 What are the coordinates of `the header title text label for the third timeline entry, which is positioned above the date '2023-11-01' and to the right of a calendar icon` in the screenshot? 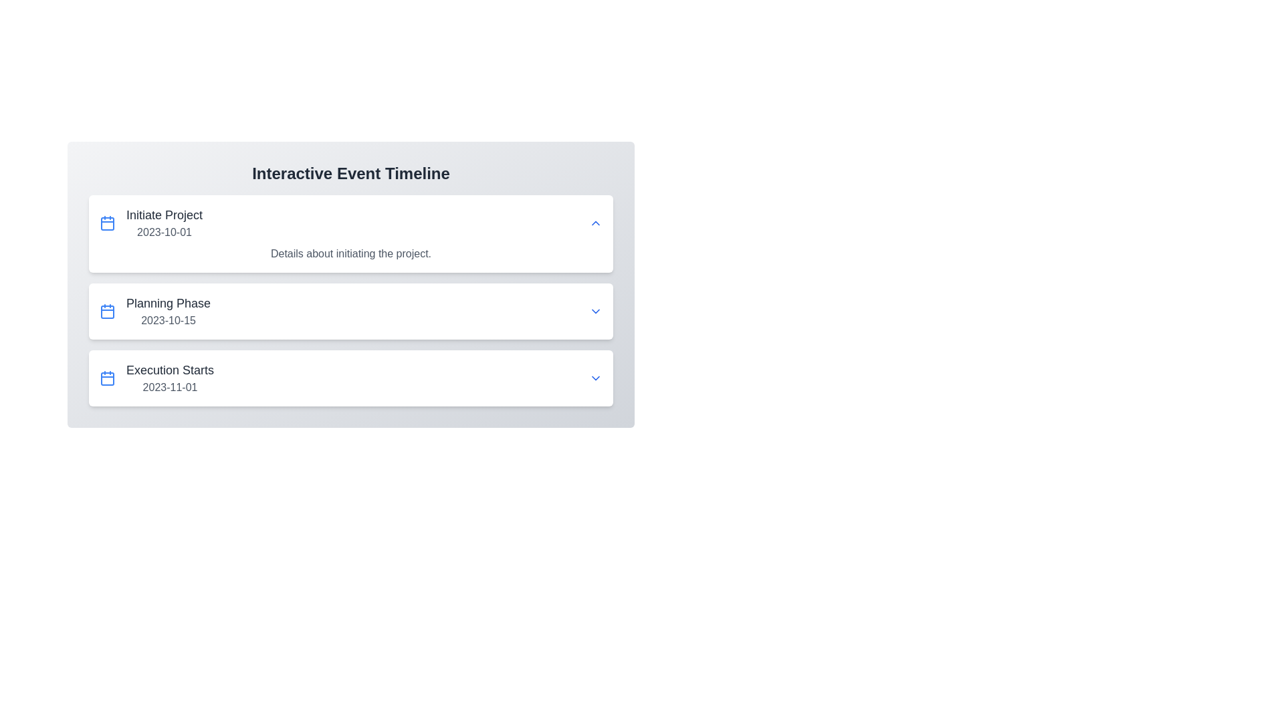 It's located at (169, 370).